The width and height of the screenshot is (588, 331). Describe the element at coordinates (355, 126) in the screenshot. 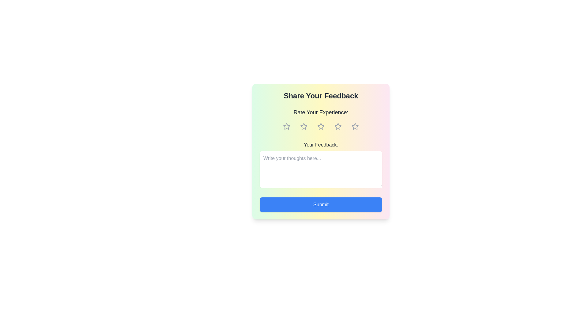

I see `the fifth star-shaped icon in the rating system` at that location.